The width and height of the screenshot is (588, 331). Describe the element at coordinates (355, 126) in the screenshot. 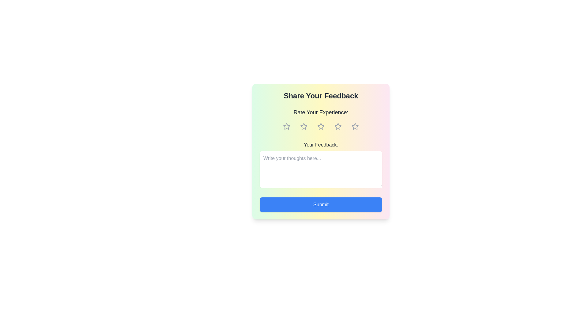

I see `the fifth star-shaped icon in the rating system` at that location.